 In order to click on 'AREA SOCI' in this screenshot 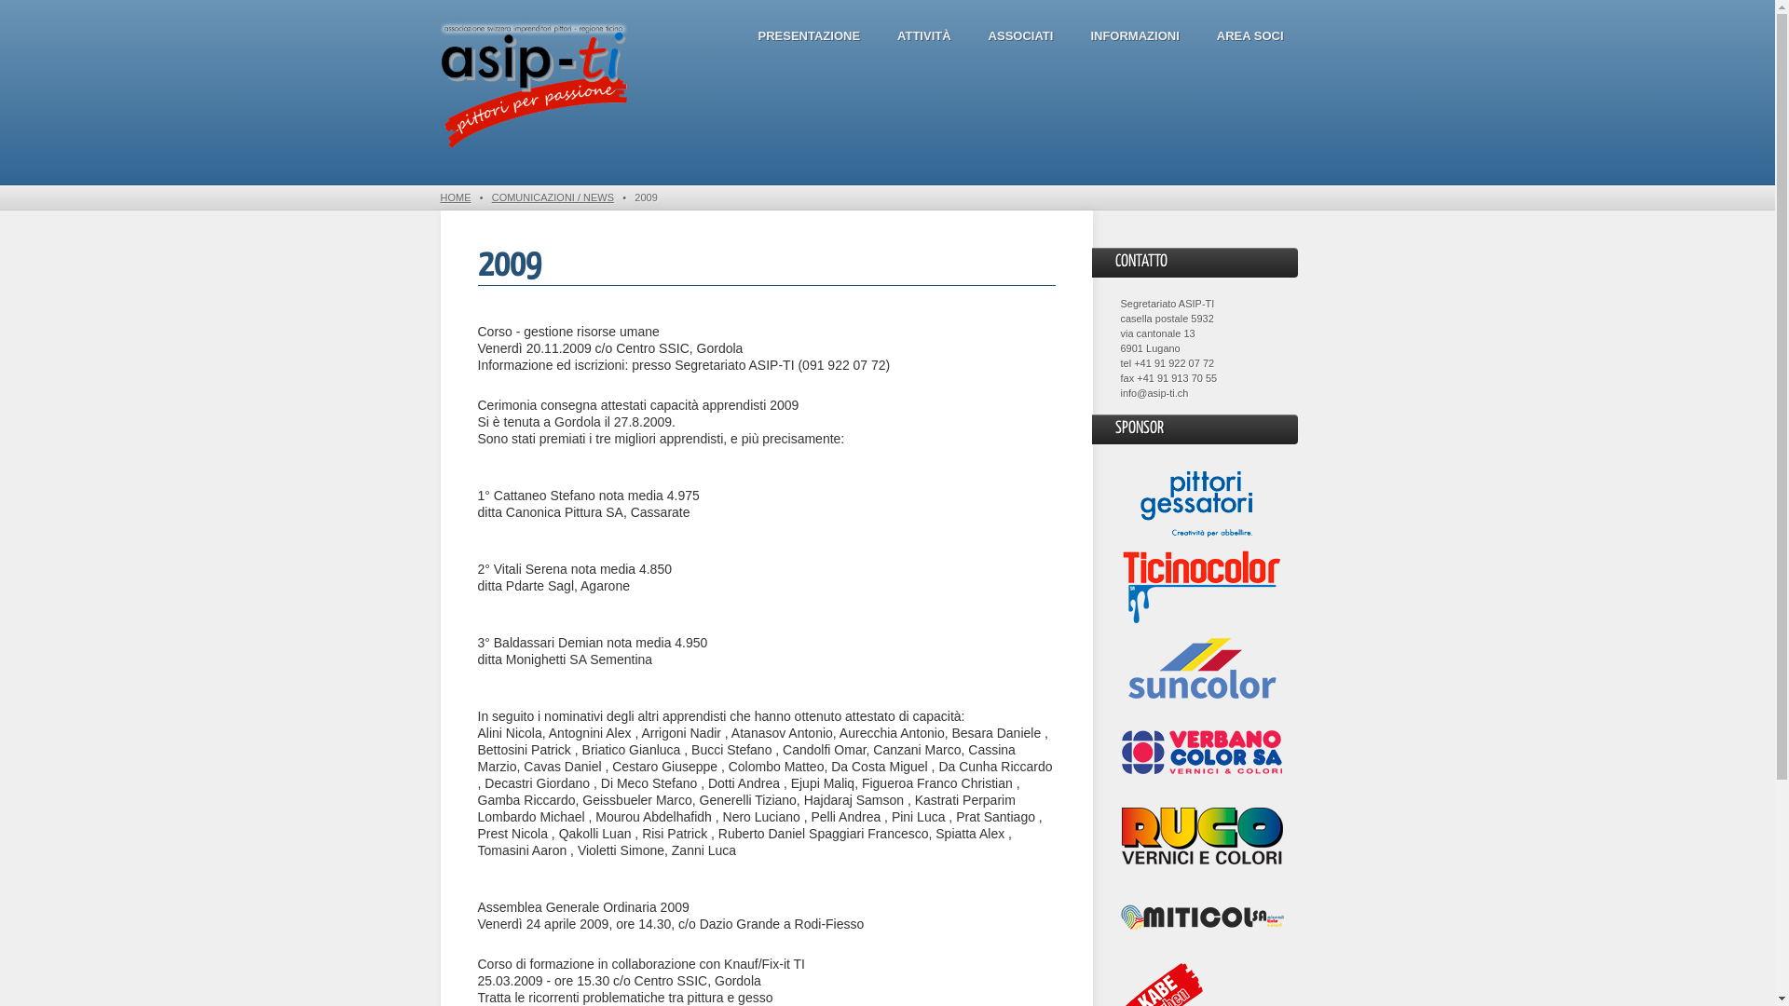, I will do `click(1250, 35)`.